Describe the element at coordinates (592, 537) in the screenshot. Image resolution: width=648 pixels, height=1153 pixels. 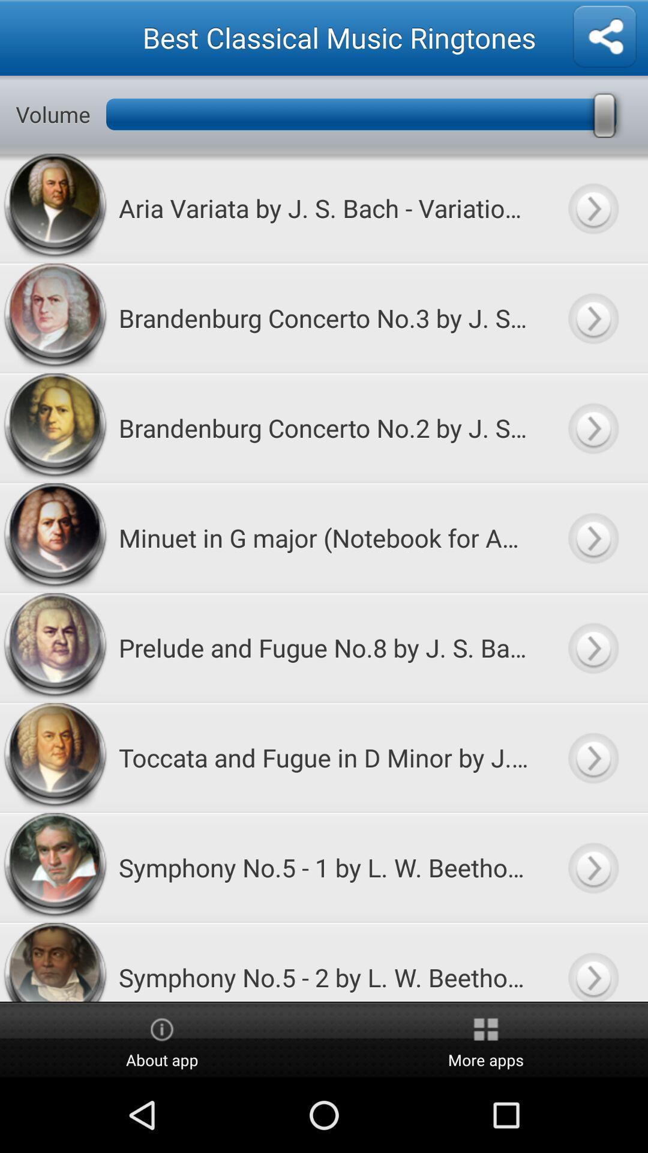
I see `ringtone` at that location.